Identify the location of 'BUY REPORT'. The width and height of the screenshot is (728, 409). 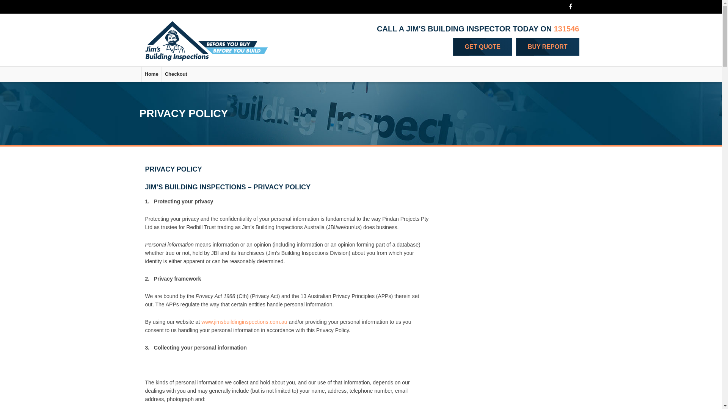
(516, 47).